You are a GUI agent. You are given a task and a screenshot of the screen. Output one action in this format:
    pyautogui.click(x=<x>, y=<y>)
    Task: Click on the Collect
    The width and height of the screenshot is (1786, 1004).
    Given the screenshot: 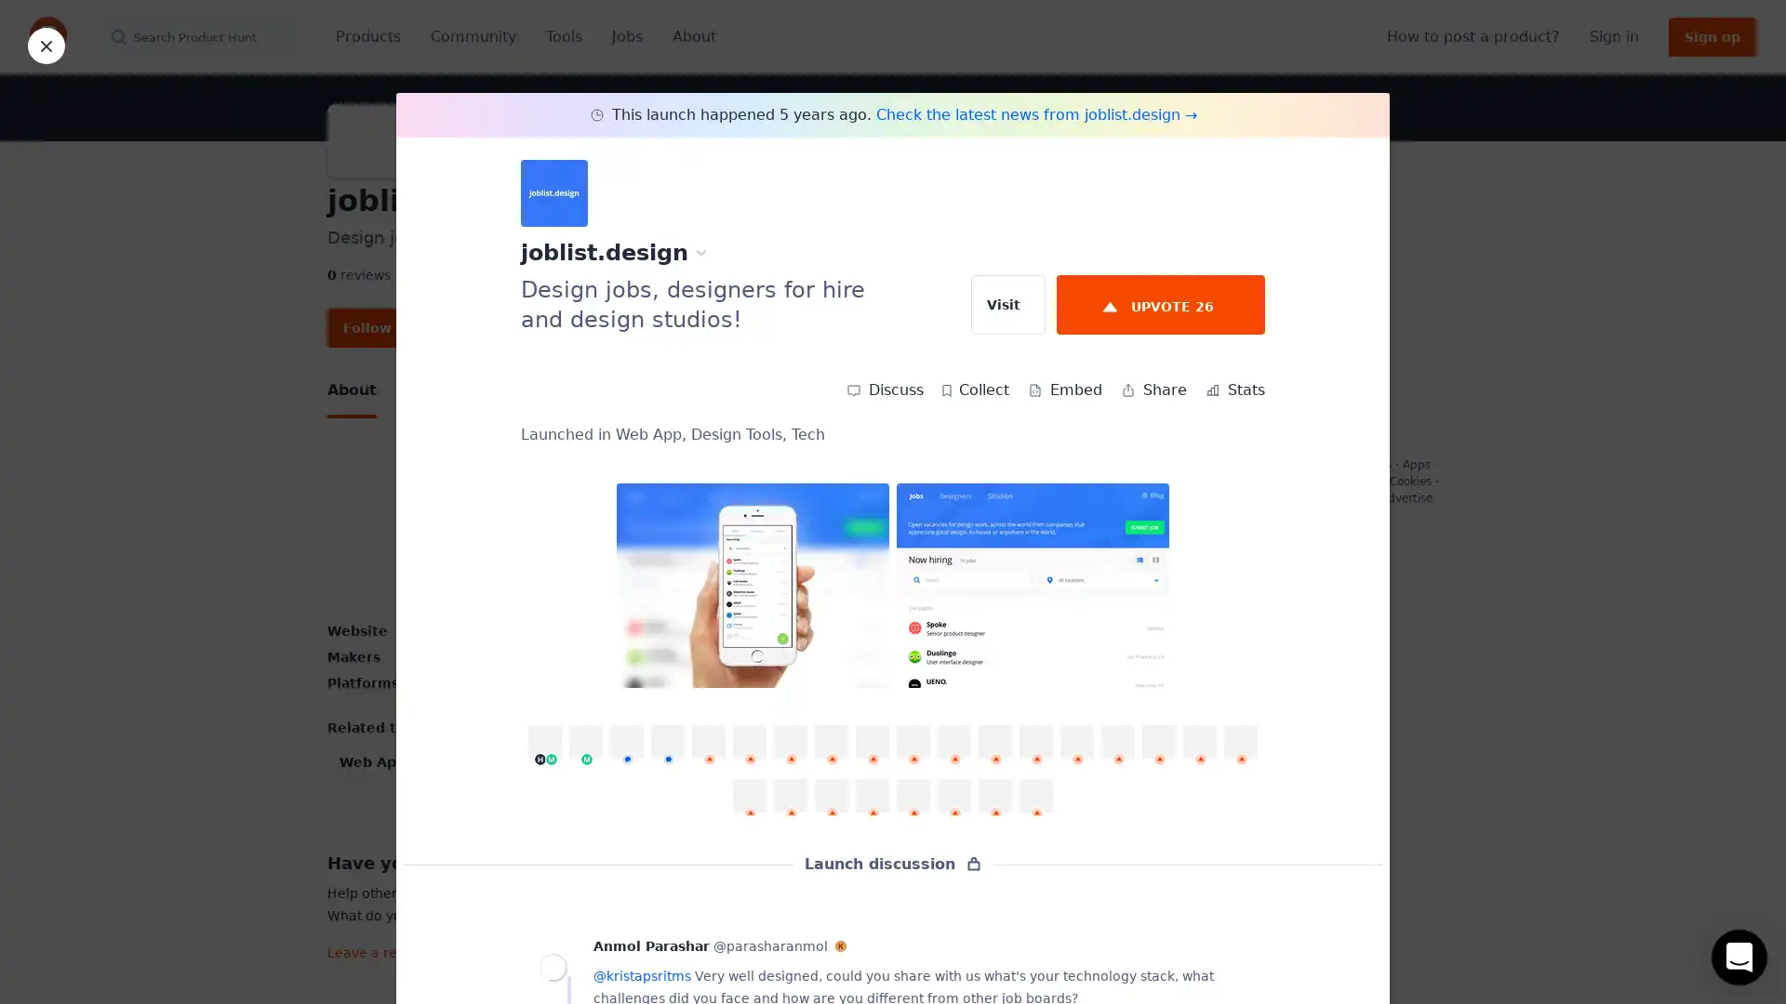 What is the action you would take?
    pyautogui.click(x=975, y=390)
    